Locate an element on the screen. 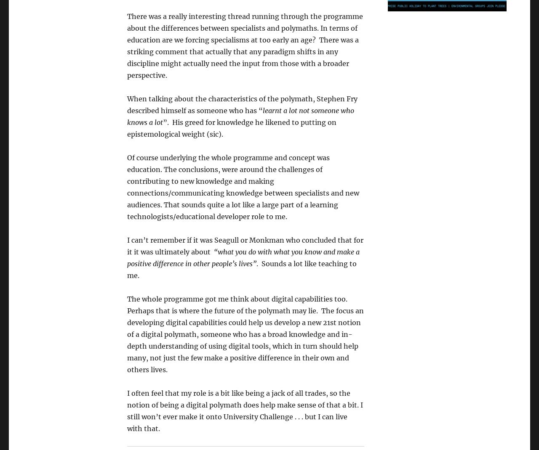 Image resolution: width=539 pixels, height=450 pixels. 'When talking about the characteristics of the polymath, Stephen Fry described himself as someone who has “' is located at coordinates (242, 104).